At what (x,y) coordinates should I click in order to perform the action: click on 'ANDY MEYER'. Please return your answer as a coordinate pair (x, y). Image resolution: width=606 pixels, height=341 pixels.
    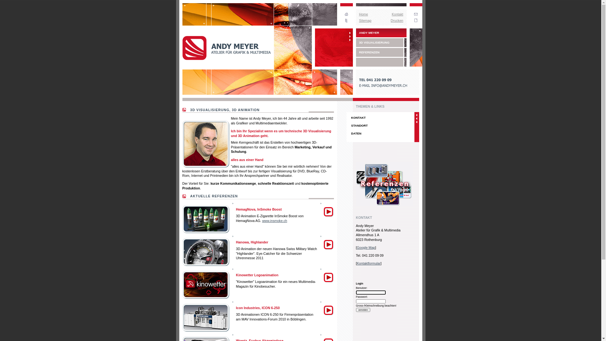
    Looking at the image, I should click on (381, 33).